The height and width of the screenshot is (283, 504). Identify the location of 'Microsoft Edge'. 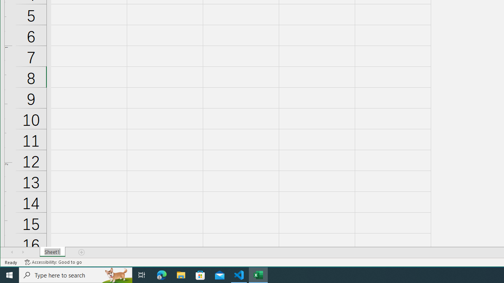
(161, 274).